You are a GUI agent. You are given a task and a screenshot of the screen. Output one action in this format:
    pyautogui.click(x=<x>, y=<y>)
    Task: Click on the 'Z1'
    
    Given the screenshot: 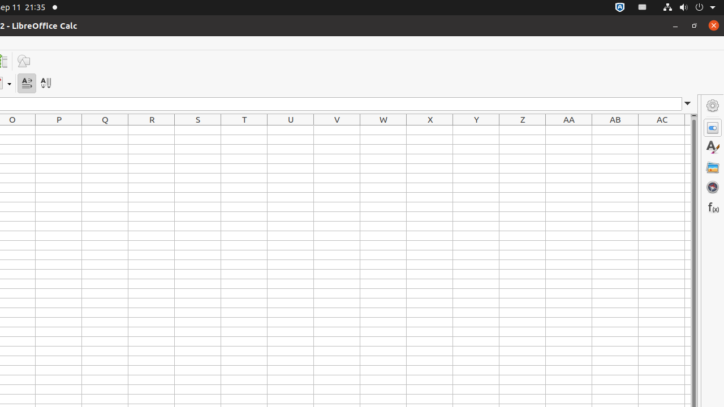 What is the action you would take?
    pyautogui.click(x=522, y=129)
    